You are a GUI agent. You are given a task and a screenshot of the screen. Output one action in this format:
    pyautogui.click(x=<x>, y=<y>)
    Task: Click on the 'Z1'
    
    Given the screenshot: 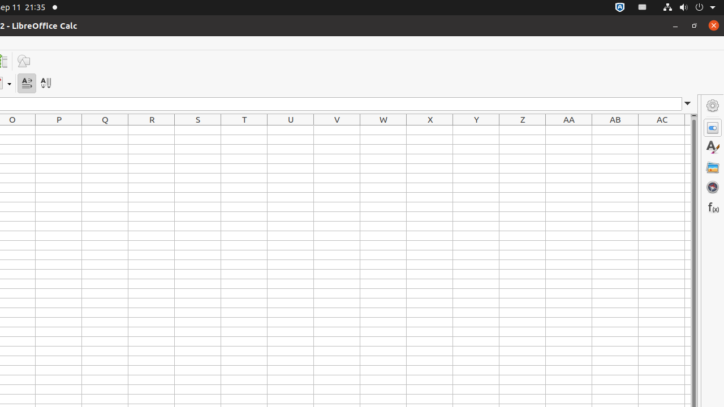 What is the action you would take?
    pyautogui.click(x=522, y=129)
    